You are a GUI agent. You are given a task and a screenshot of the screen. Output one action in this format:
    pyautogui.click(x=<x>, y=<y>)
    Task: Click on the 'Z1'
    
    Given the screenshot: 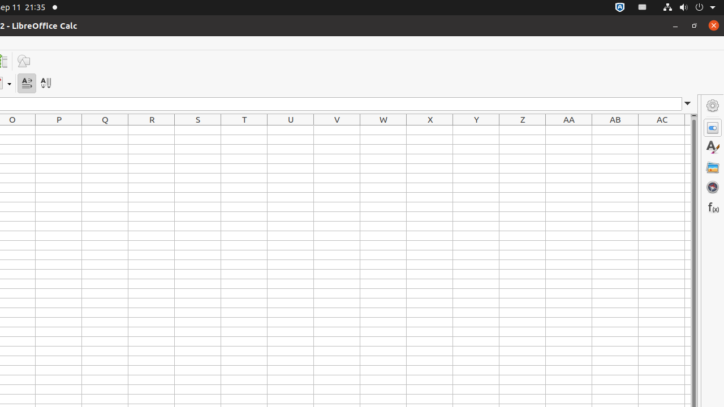 What is the action you would take?
    pyautogui.click(x=522, y=129)
    